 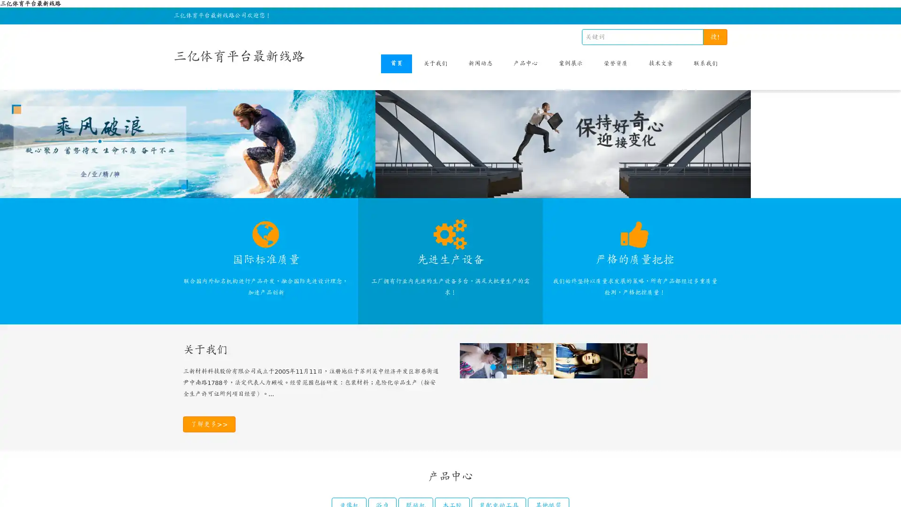 What do you see at coordinates (715, 36) in the screenshot?
I see `!` at bounding box center [715, 36].